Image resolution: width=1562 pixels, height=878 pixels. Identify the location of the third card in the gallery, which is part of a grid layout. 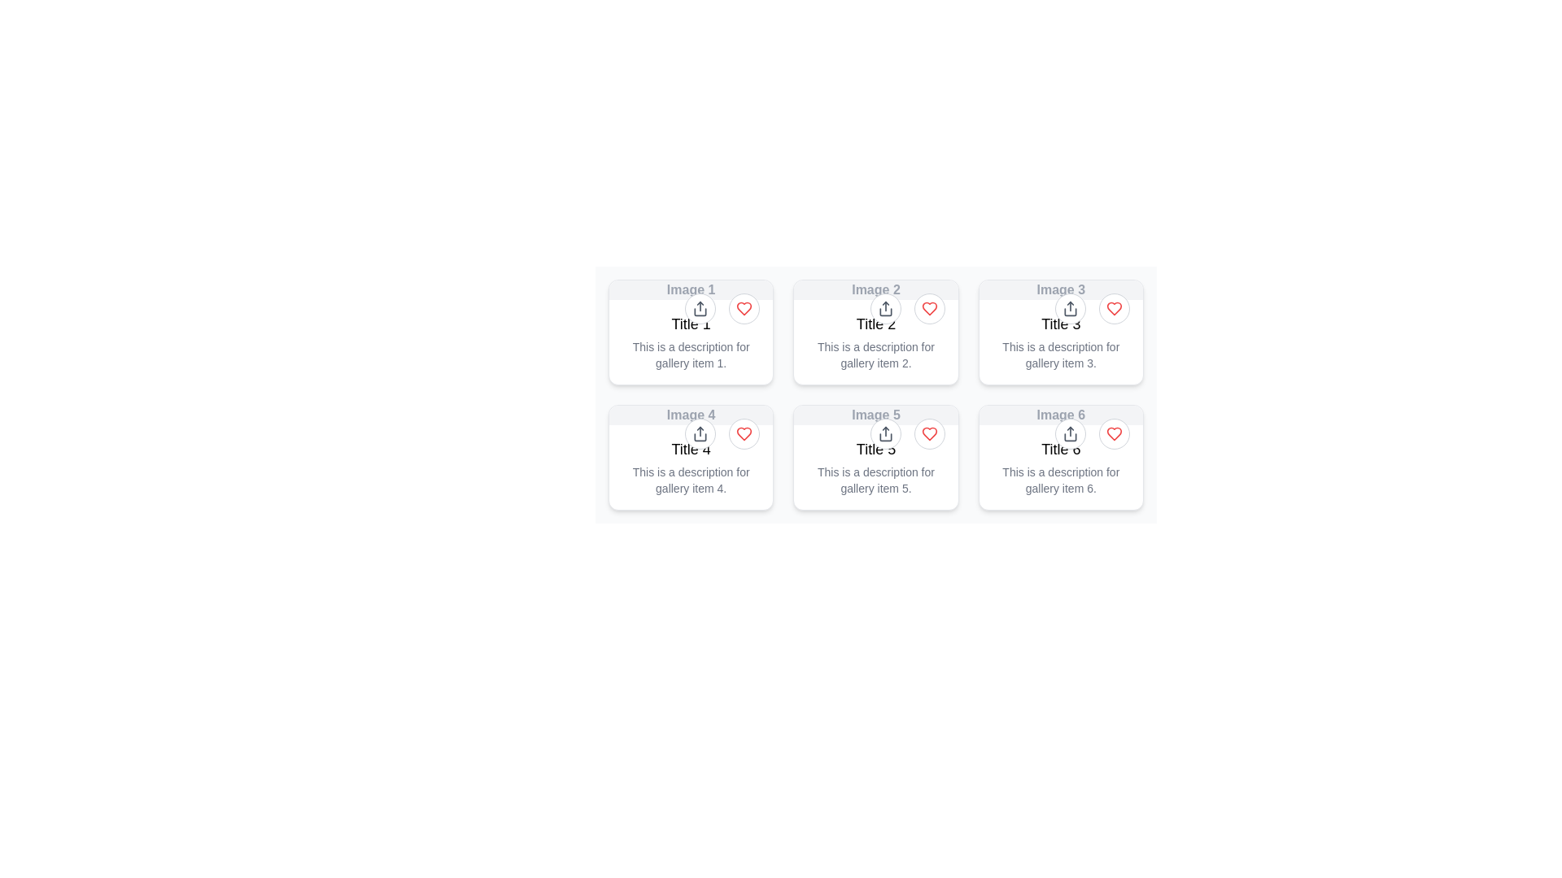
(1061, 331).